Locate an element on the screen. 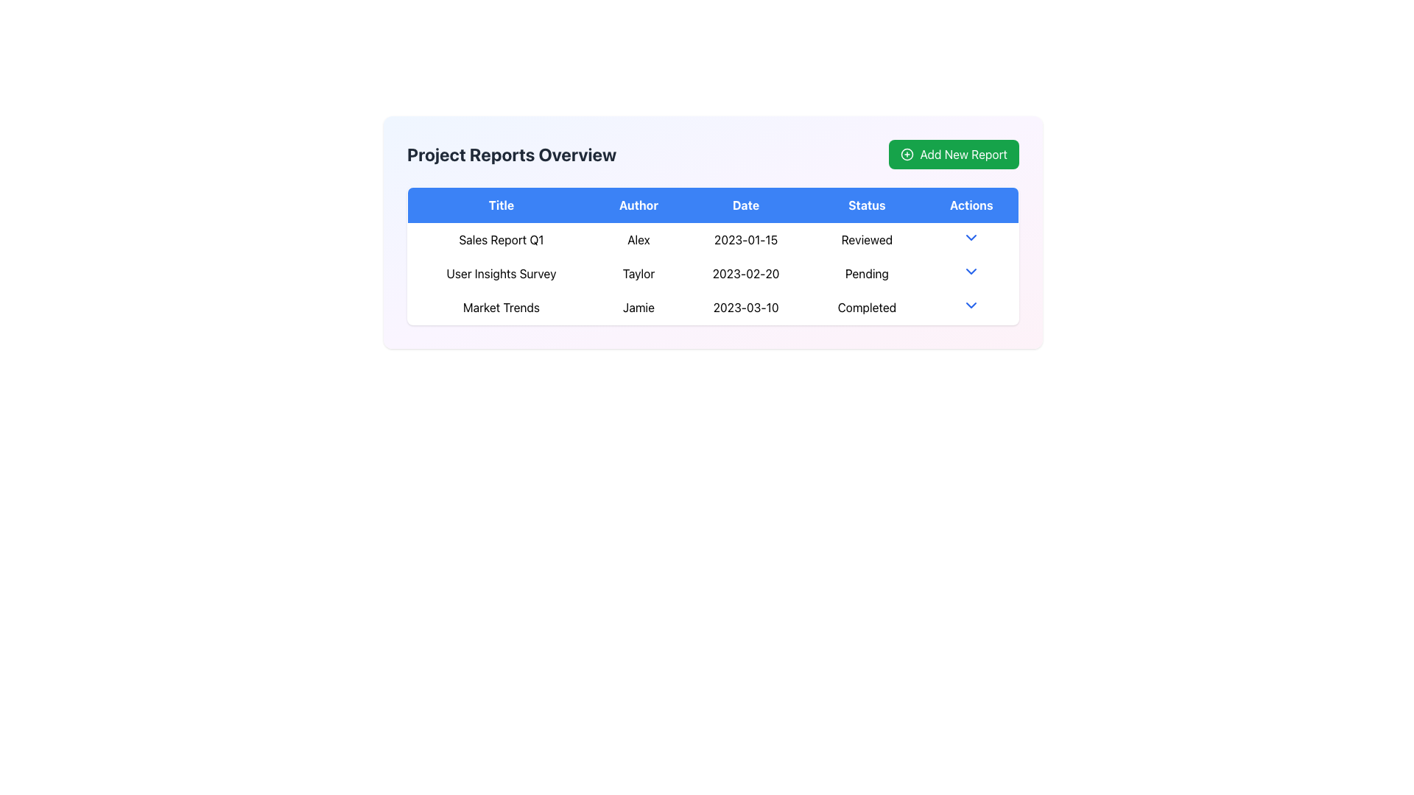 This screenshot has width=1414, height=795. the green button labeled 'Add New Report' with a plus sign icon is located at coordinates (954, 154).